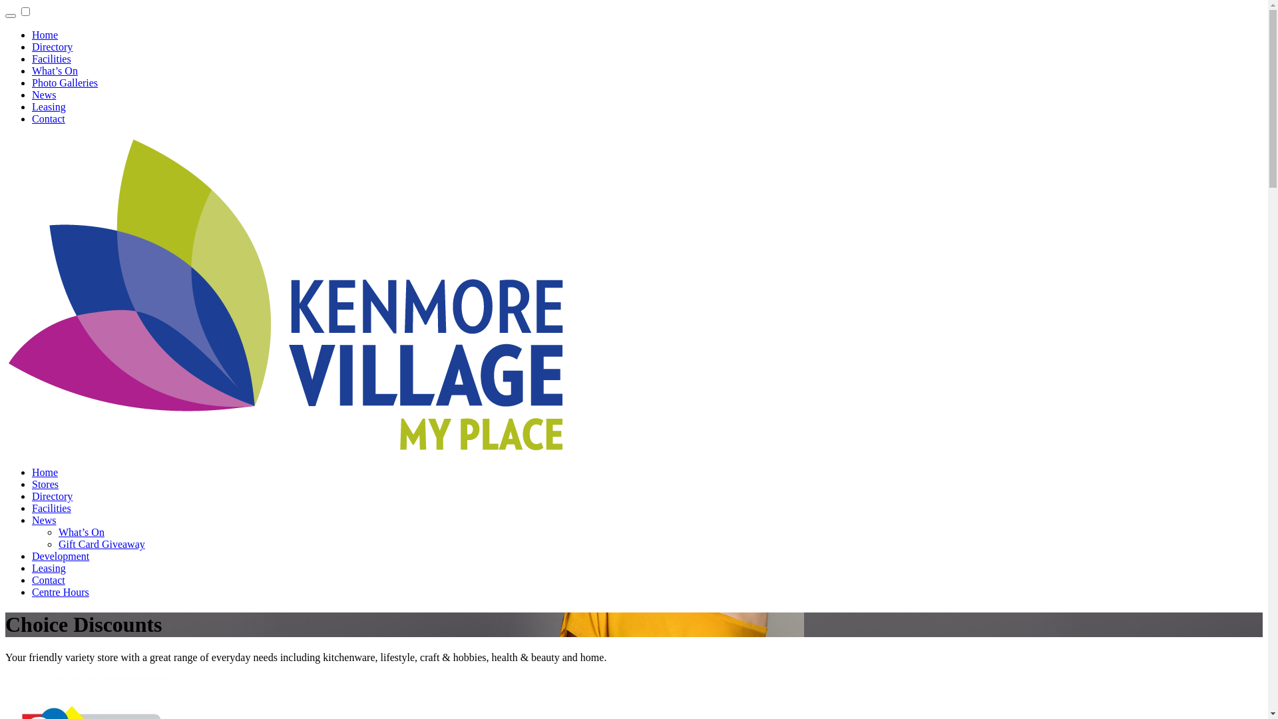  What do you see at coordinates (51, 508) in the screenshot?
I see `'Facilities'` at bounding box center [51, 508].